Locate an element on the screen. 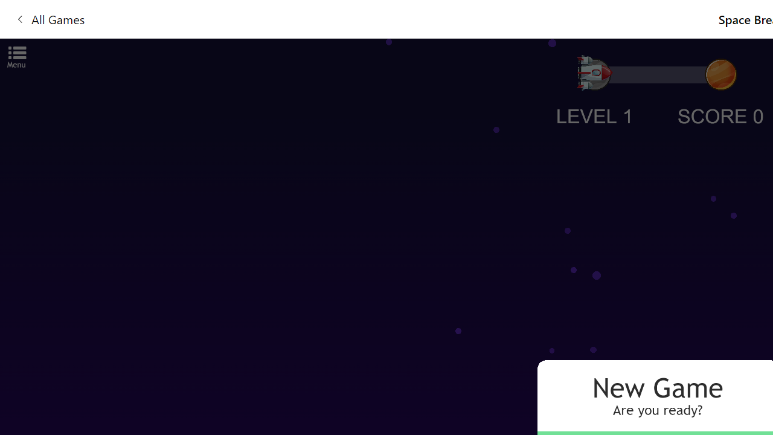 The height and width of the screenshot is (435, 773). 'All Games' is located at coordinates (49, 19).